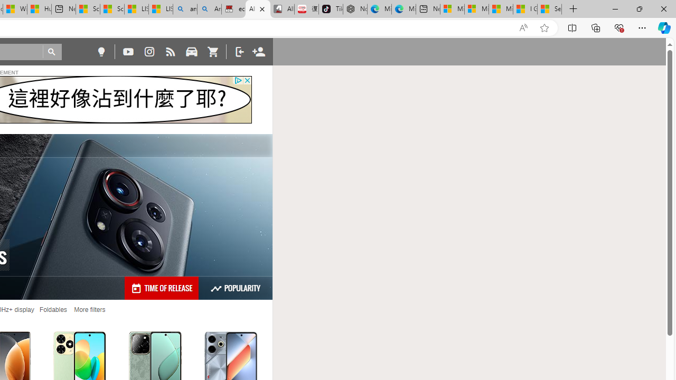 The width and height of the screenshot is (676, 380). What do you see at coordinates (262, 9) in the screenshot?
I see `'Close tab'` at bounding box center [262, 9].